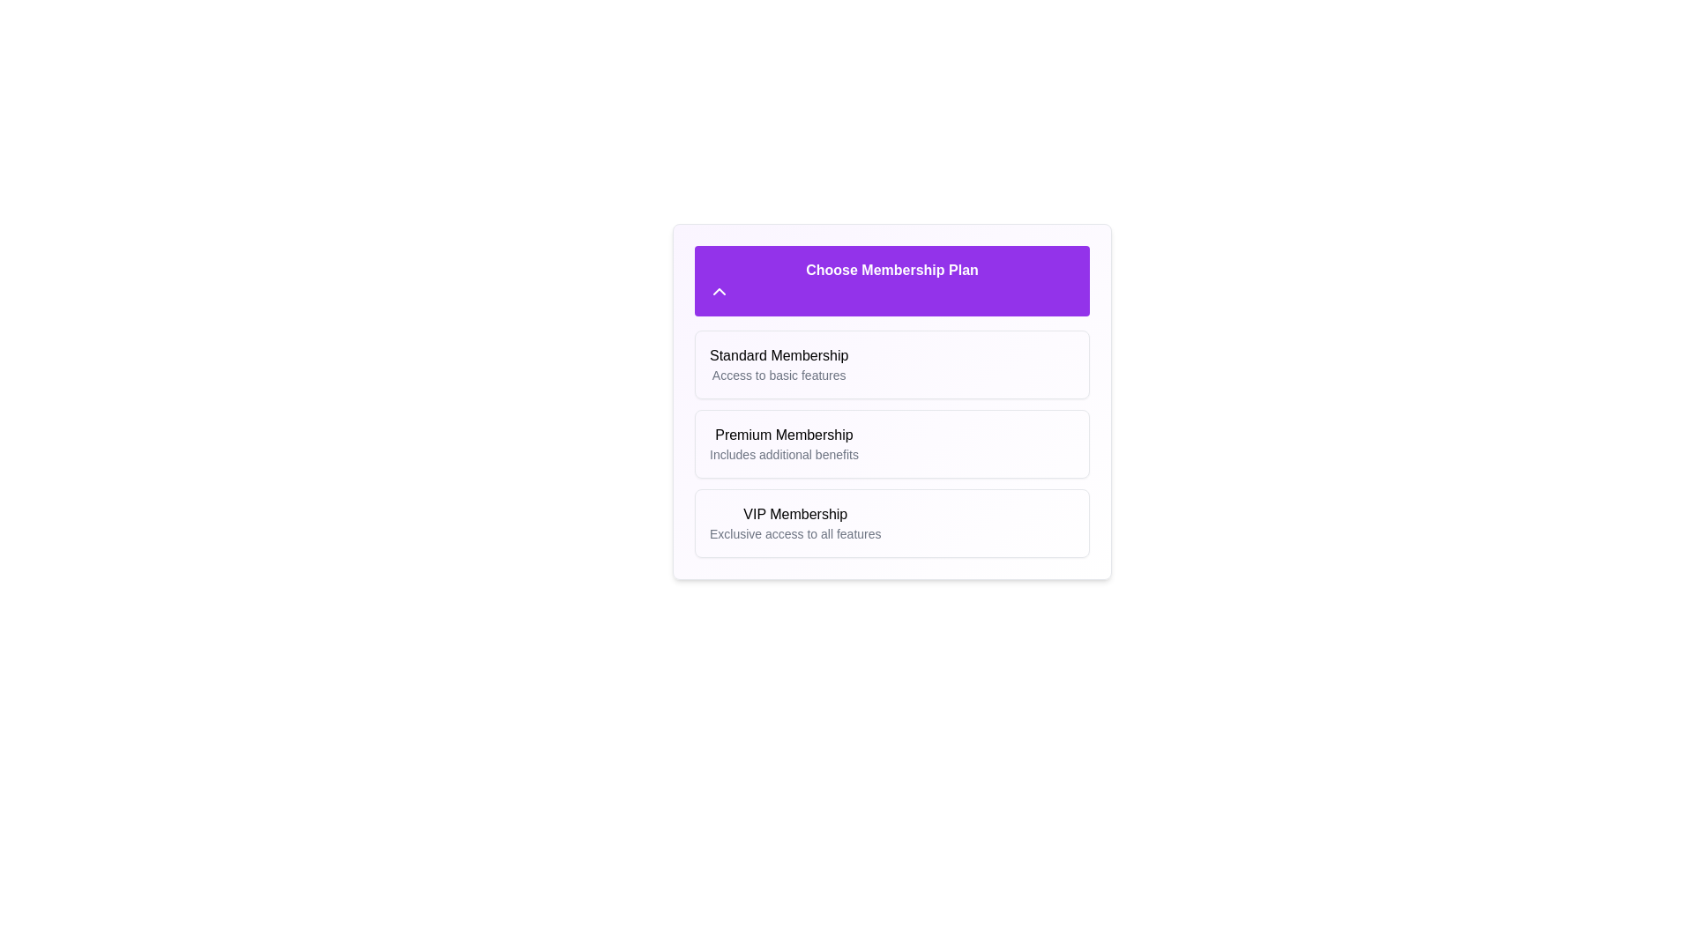 This screenshot has height=952, width=1693. What do you see at coordinates (778, 374) in the screenshot?
I see `text on the label stating 'Access to basic features', which is styled in light gray and located below the 'Standard Membership' heading in the first membership option section` at bounding box center [778, 374].